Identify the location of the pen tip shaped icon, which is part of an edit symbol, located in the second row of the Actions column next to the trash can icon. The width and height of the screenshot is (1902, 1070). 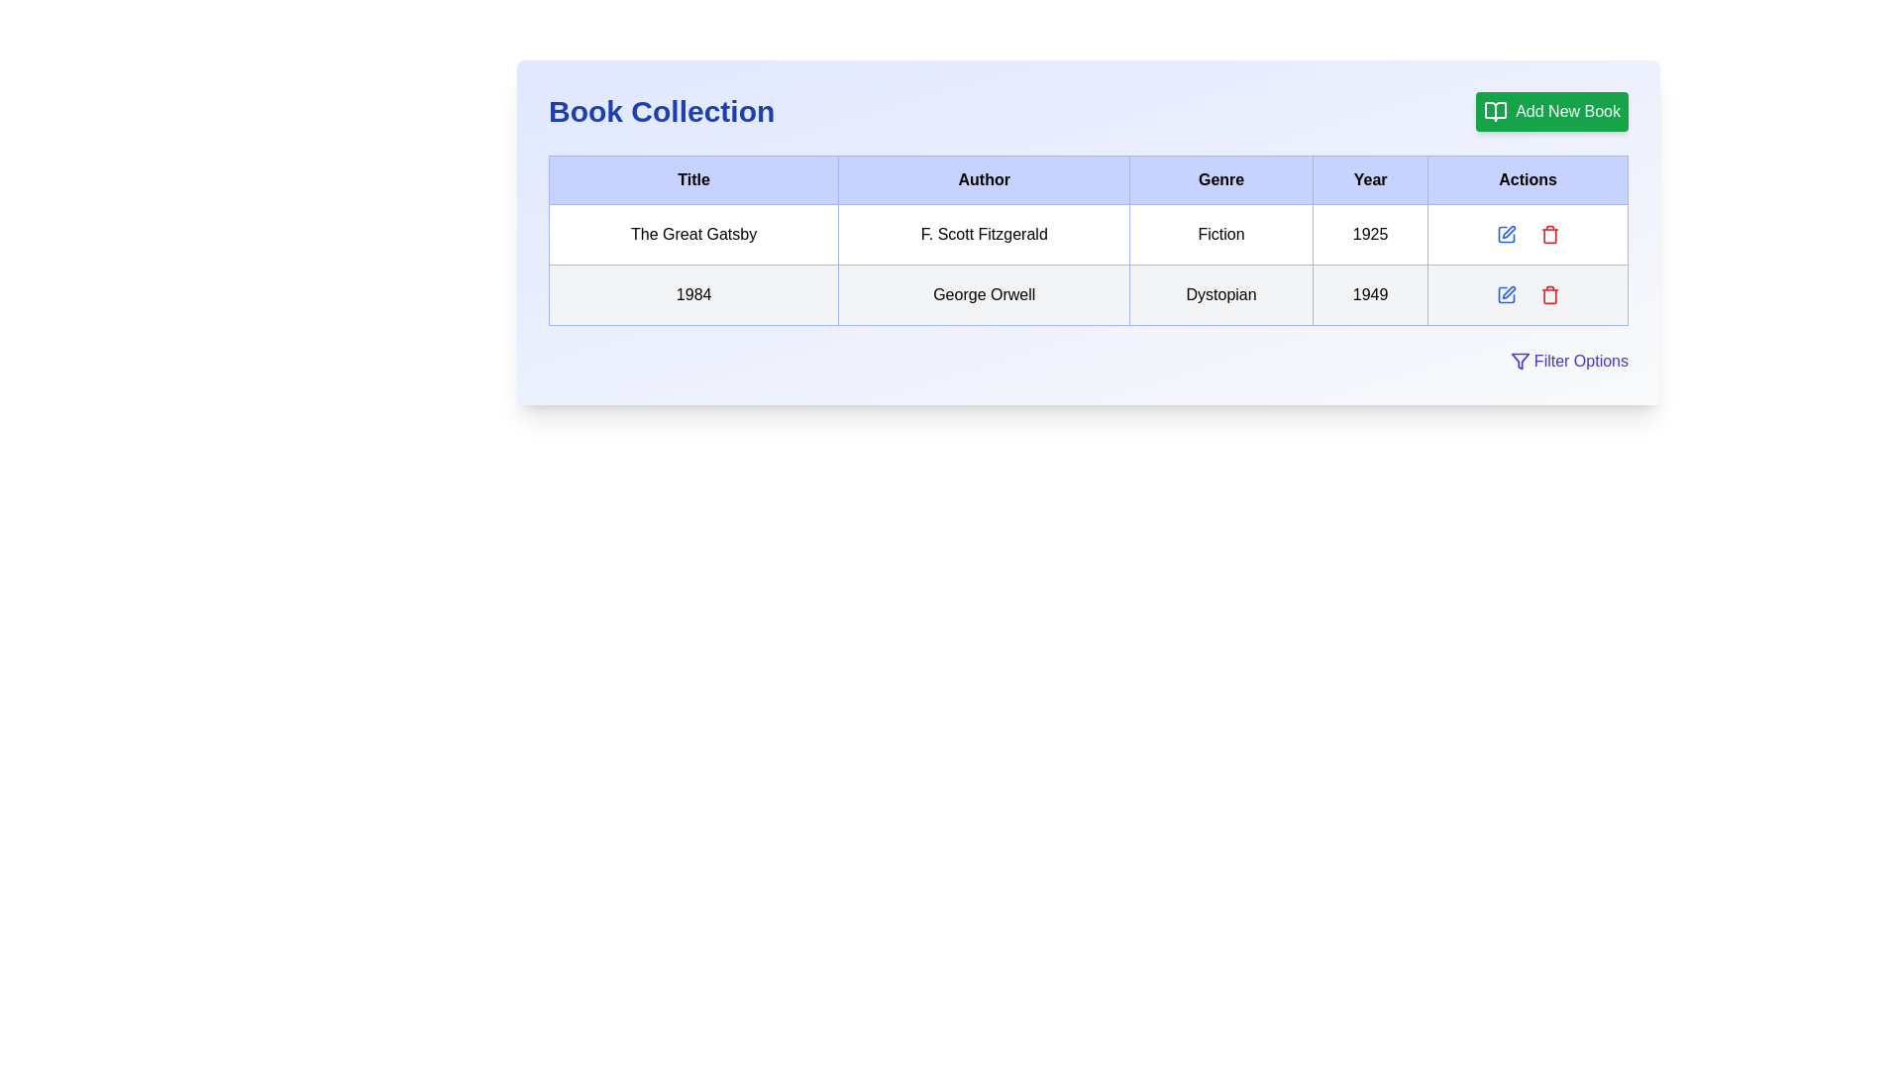
(1506, 233).